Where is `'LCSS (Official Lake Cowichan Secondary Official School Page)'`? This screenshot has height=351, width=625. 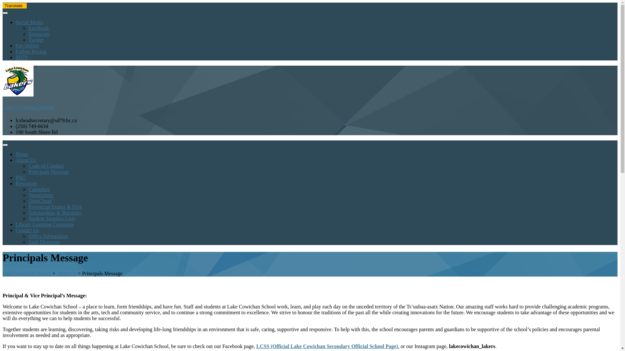
'LCSS (Official Lake Cowichan Secondary Official School Page)' is located at coordinates (327, 346).